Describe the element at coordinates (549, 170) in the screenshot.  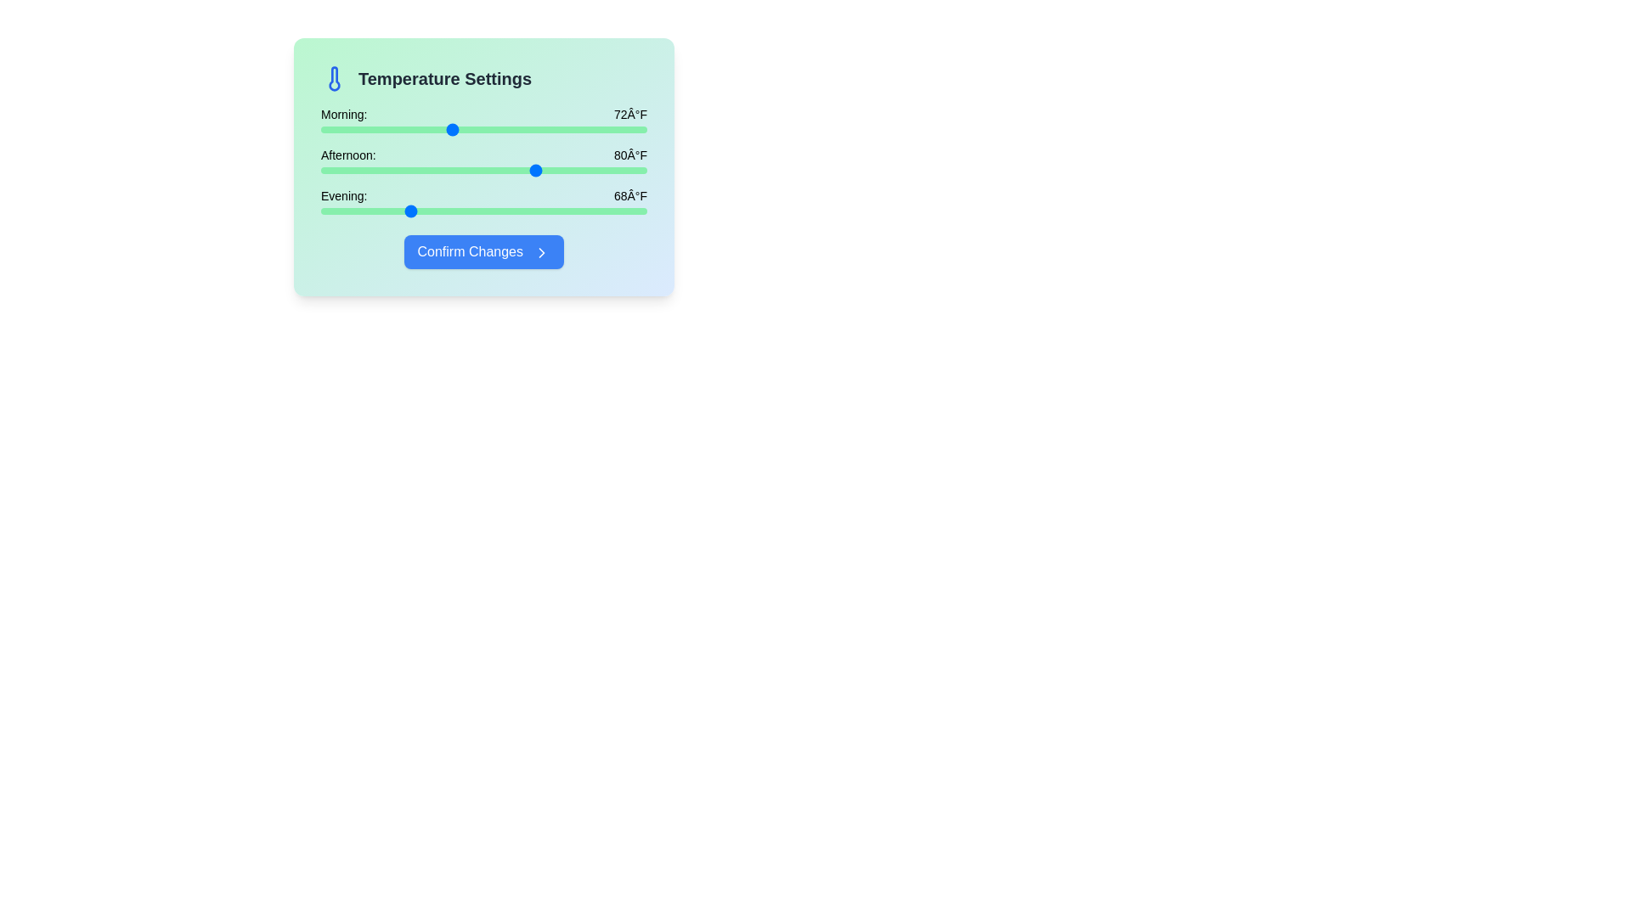
I see `the afternoon temperature slider to 81°F` at that location.